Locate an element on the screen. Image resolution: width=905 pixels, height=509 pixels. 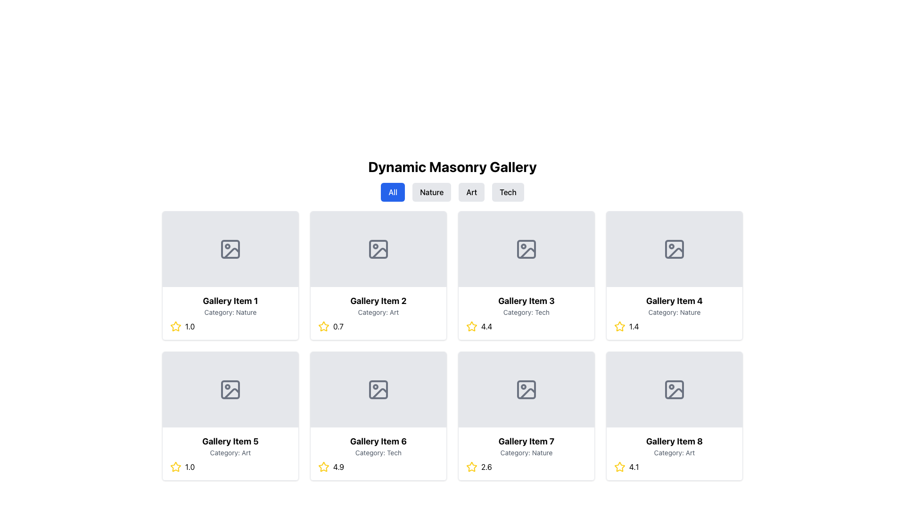
the star icon used for the rating system located in the card labeled 'Gallery Item 4' to the left of the '1.4' rating text for additional details is located at coordinates (619, 325).